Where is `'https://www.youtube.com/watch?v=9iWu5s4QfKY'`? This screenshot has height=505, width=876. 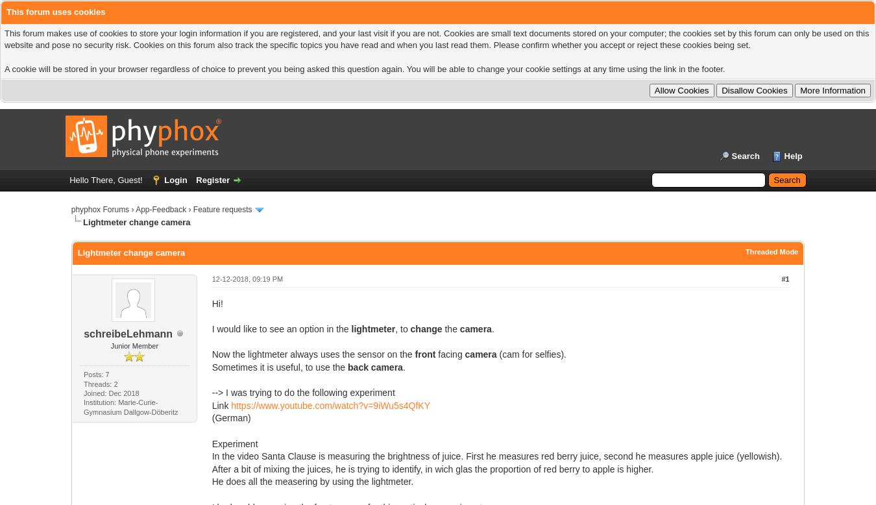 'https://www.youtube.com/watch?v=9iWu5s4QfKY' is located at coordinates (330, 404).